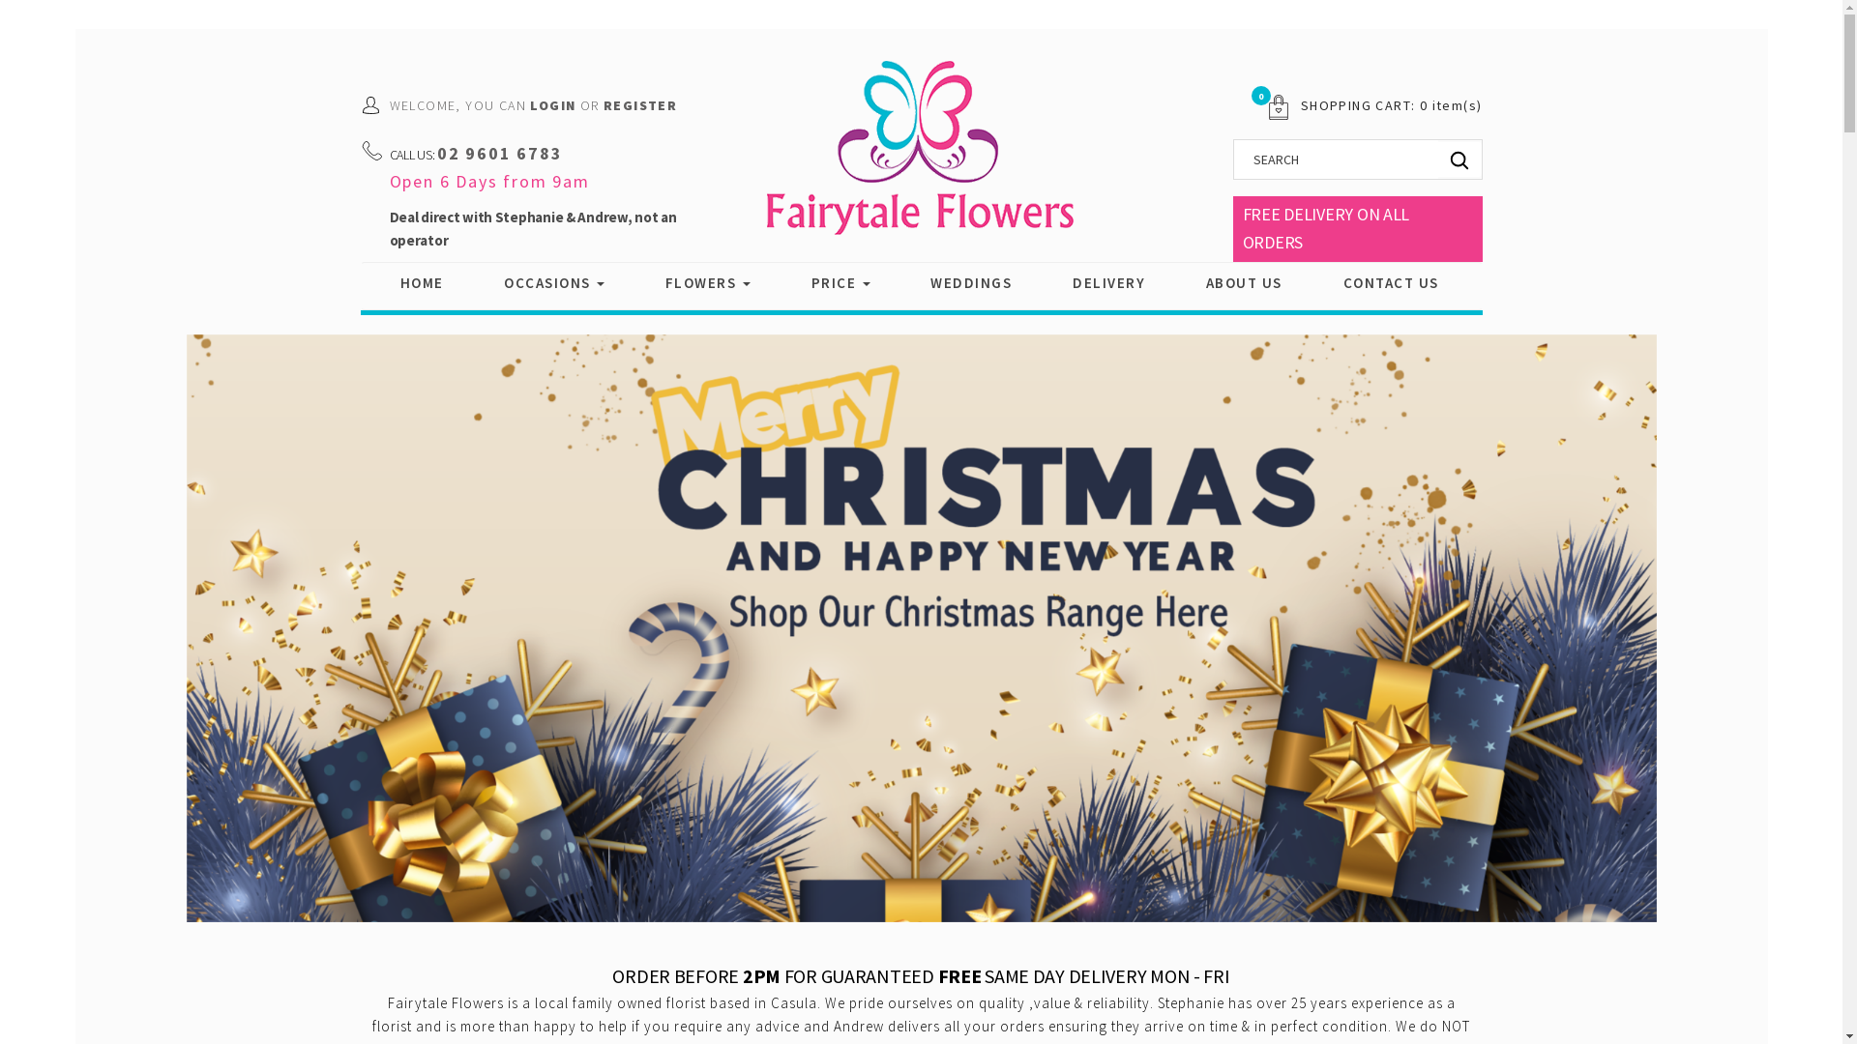 The width and height of the screenshot is (1857, 1044). Describe the element at coordinates (1390, 283) in the screenshot. I see `'CONTACT US'` at that location.